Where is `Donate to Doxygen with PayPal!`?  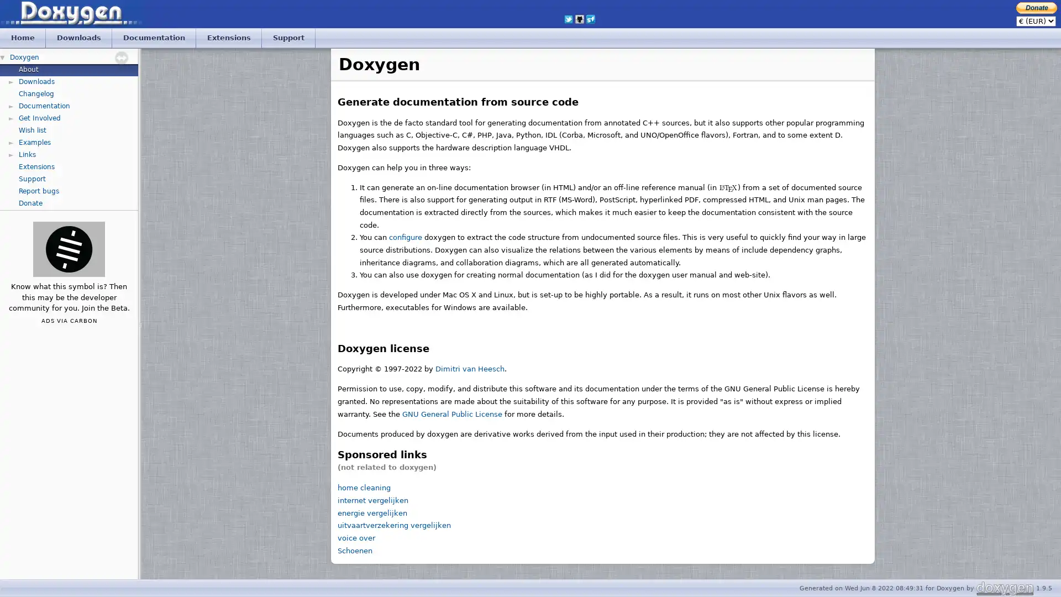 Donate to Doxygen with PayPal! is located at coordinates (1036, 7).